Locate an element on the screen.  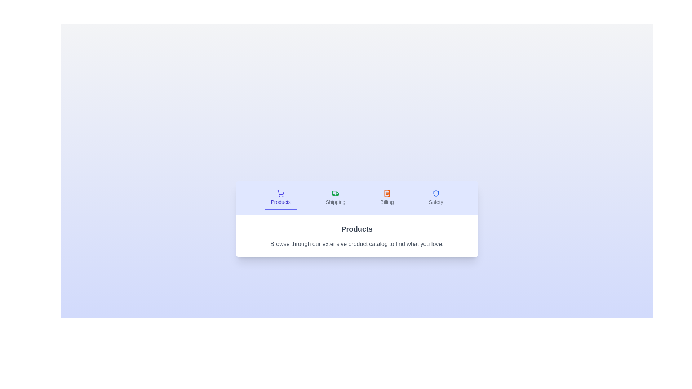
the Products tab to switch to its content is located at coordinates (280, 198).